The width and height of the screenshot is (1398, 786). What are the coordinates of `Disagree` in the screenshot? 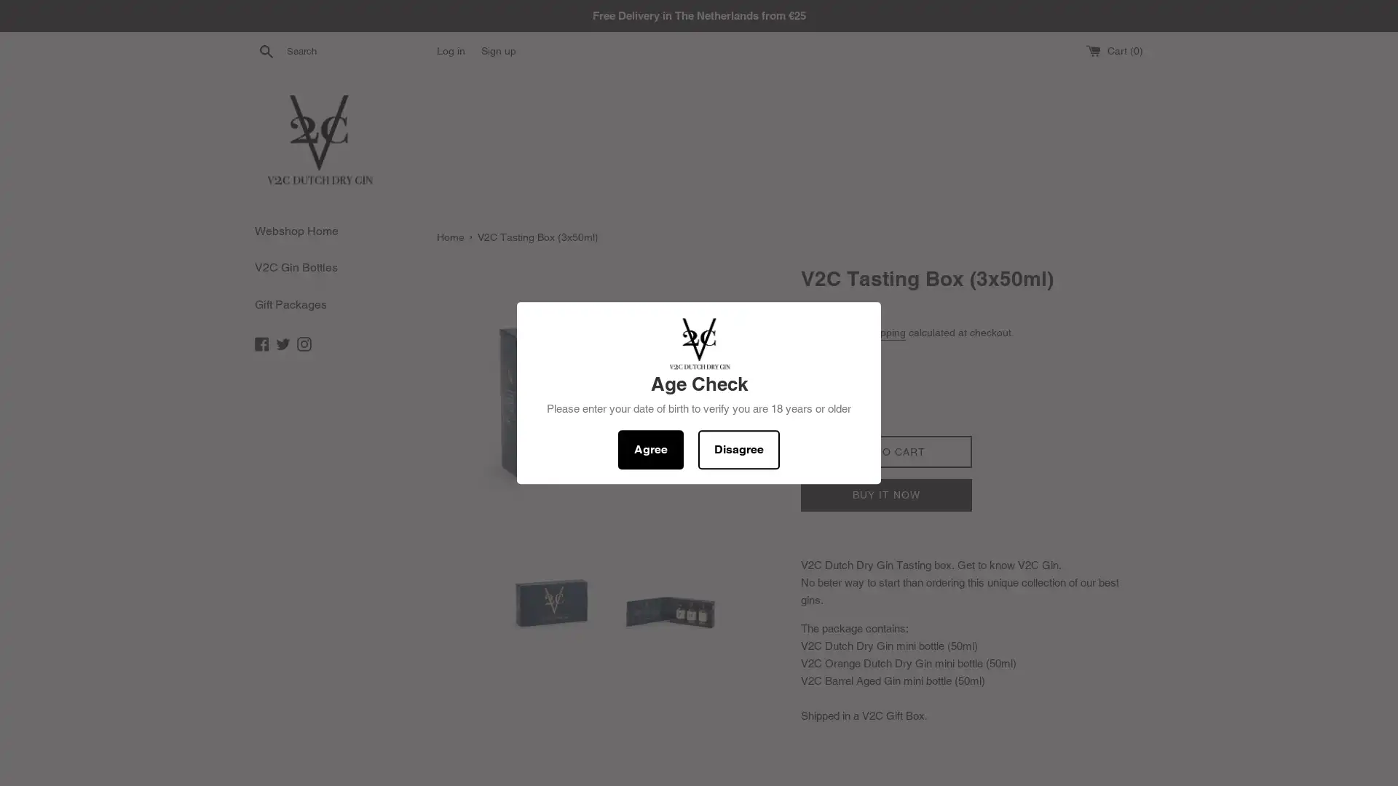 It's located at (738, 448).